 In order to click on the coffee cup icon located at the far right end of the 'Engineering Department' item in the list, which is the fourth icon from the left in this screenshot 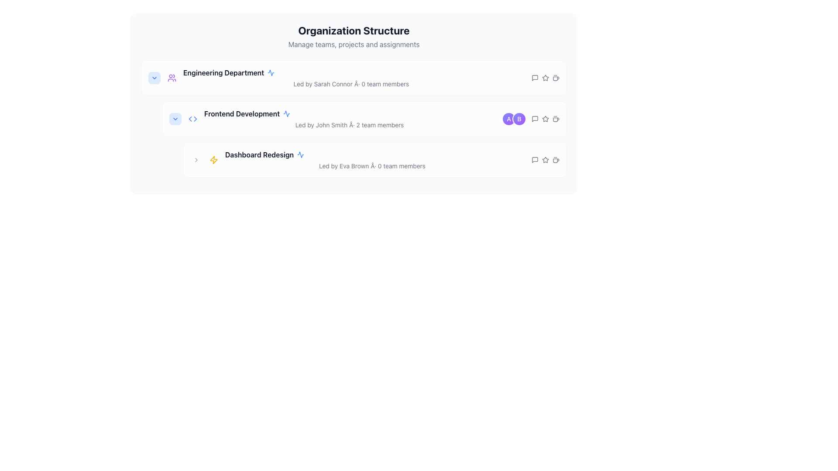, I will do `click(555, 77)`.